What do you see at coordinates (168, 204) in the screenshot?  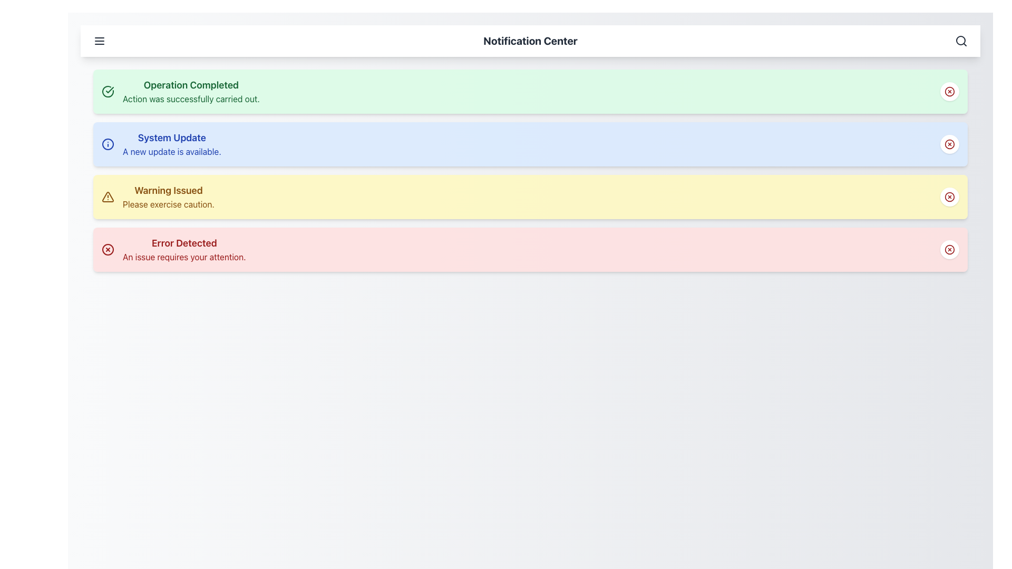 I see `text 'Please exercise caution.' located in the yellow notification box under the header 'Warning Issued'` at bounding box center [168, 204].